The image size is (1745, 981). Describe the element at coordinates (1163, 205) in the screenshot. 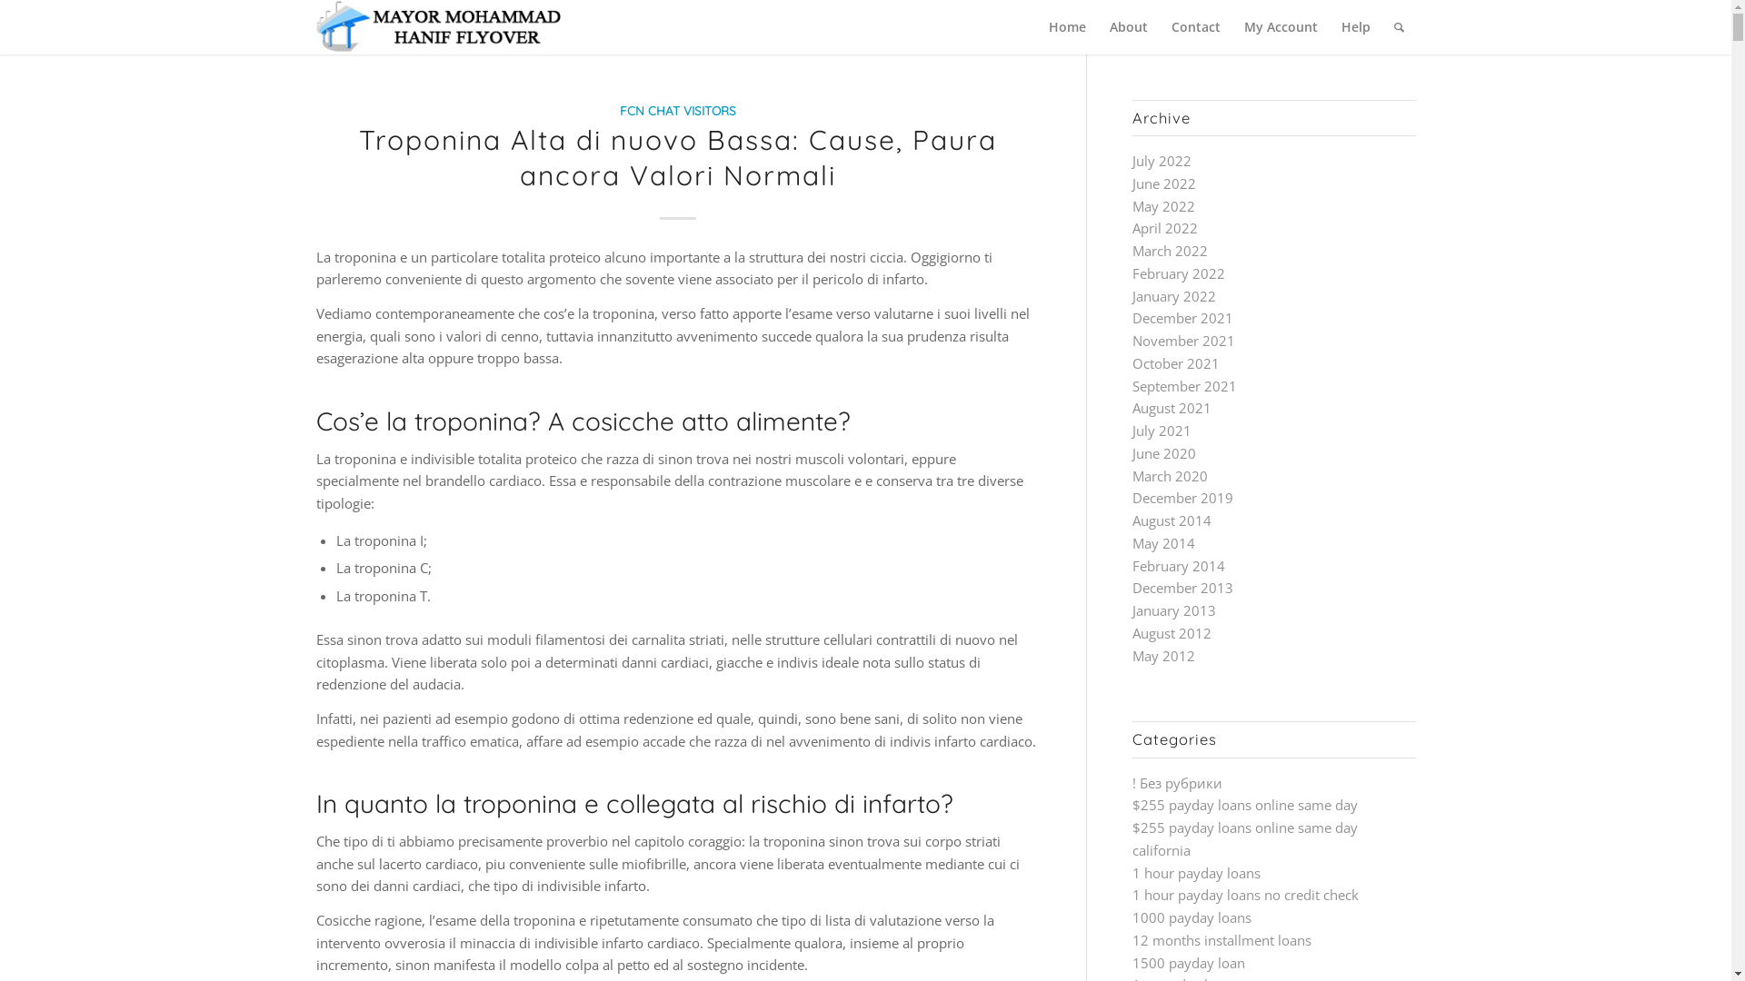

I see `'May 2022'` at that location.